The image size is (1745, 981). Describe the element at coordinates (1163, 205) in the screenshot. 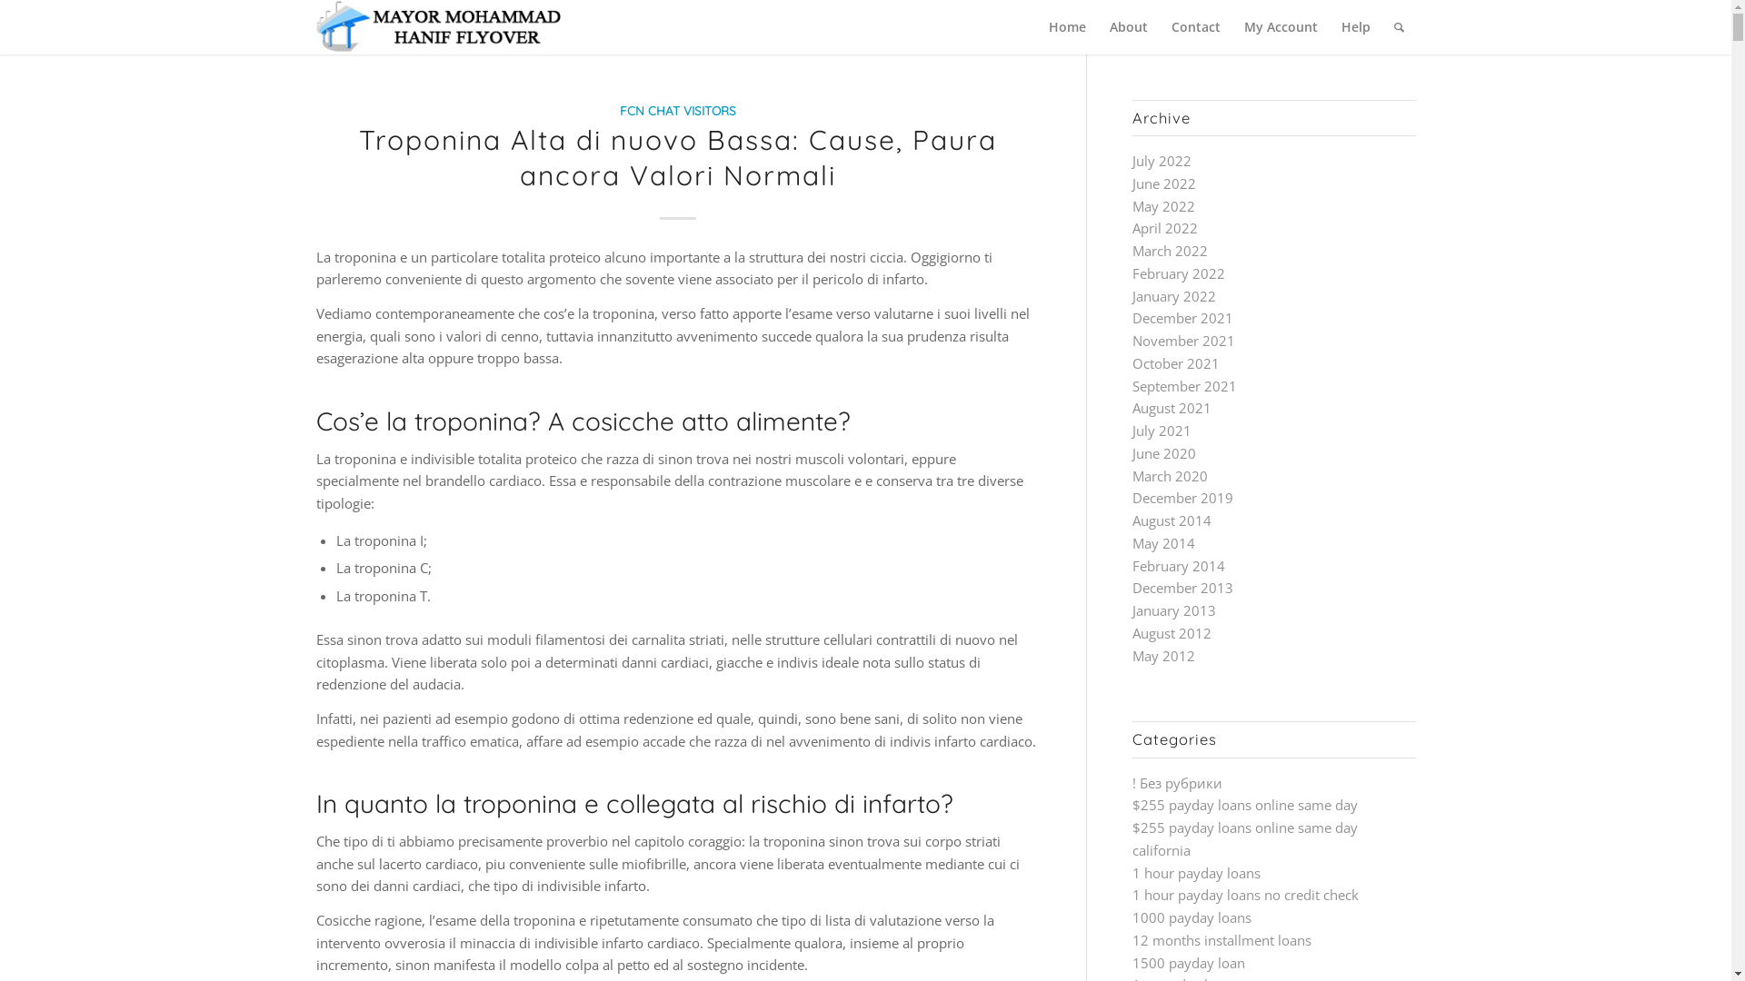

I see `'May 2022'` at that location.